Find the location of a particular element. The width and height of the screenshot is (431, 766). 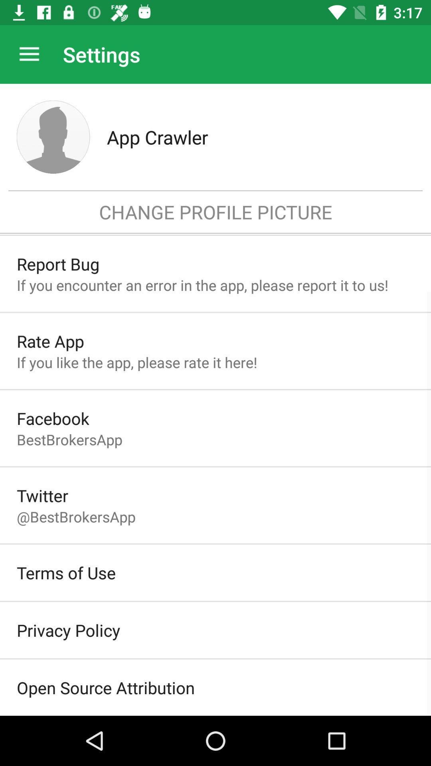

item below the privacy policy is located at coordinates (105, 687).